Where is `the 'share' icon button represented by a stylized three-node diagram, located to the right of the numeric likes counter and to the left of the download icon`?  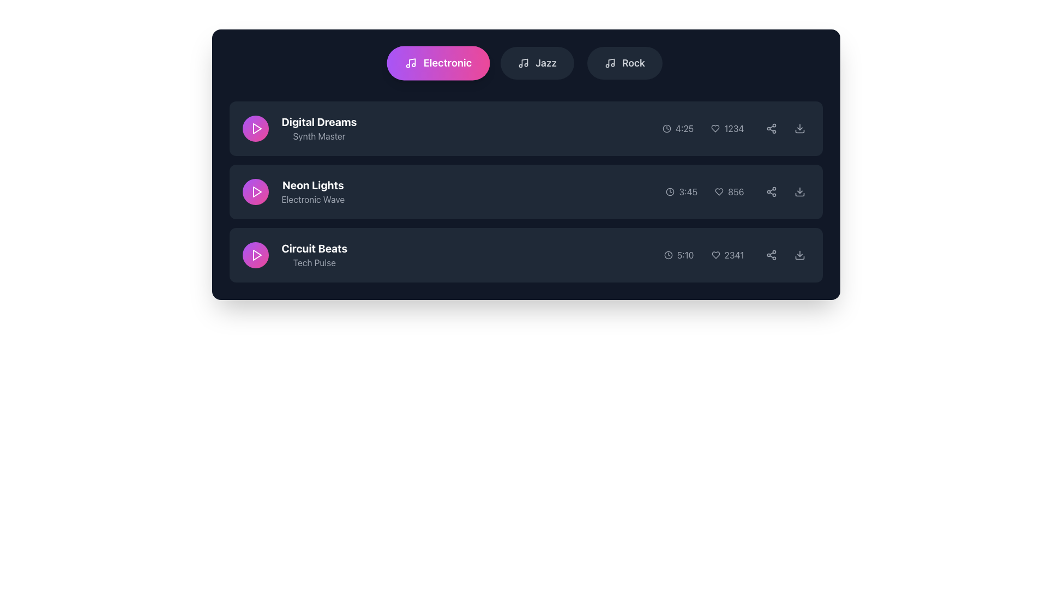
the 'share' icon button represented by a stylized three-node diagram, located to the right of the numeric likes counter and to the left of the download icon is located at coordinates (771, 191).